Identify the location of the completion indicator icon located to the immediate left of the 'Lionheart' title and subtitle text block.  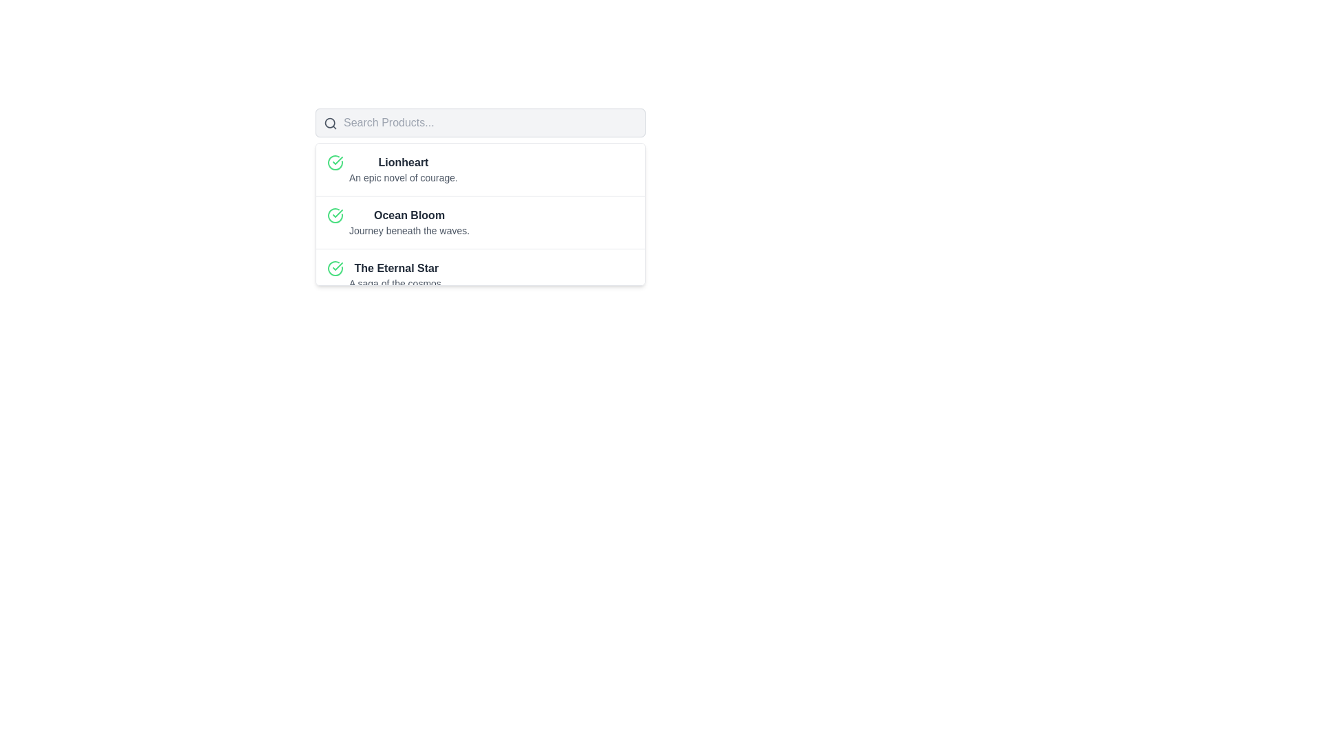
(335, 161).